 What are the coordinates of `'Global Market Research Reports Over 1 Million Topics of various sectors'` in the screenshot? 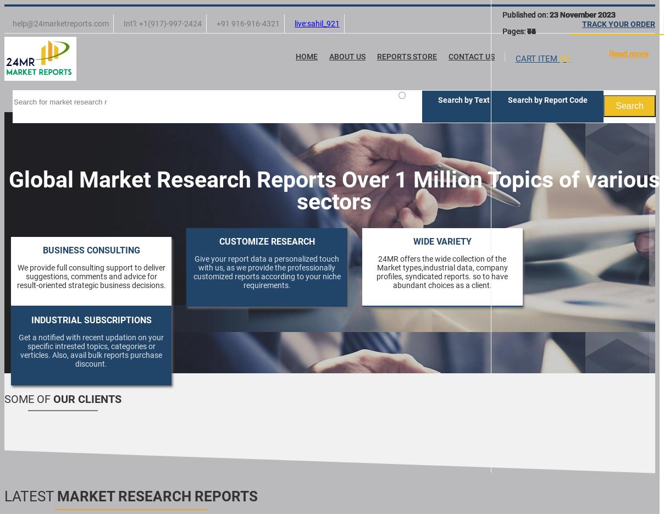 It's located at (7, 190).